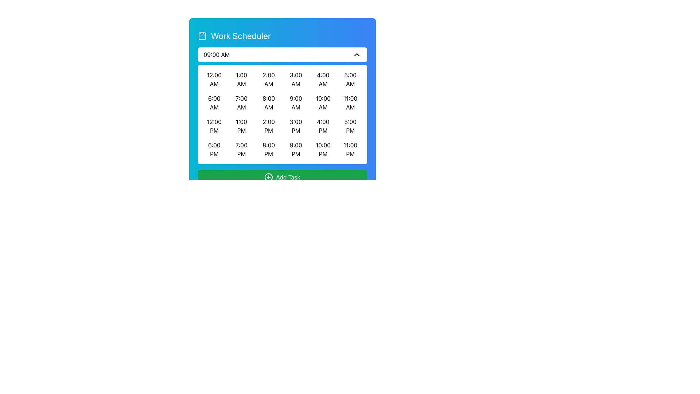 The image size is (700, 394). I want to click on the time selection button located in the third column of the second row to change its appearance, so click(268, 103).